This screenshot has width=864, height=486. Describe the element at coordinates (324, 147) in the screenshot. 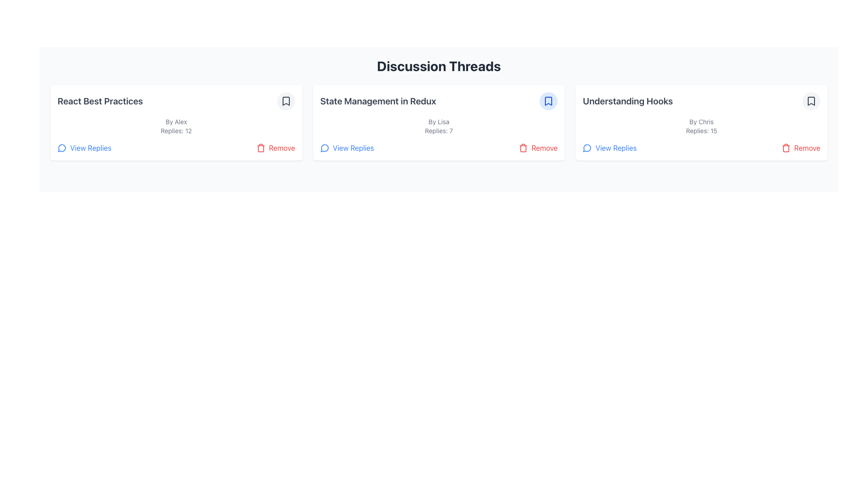

I see `the blue chat bubble icon located on the leftmost side of the 'View Replies' link in the 'State Management in Redux' panel` at that location.